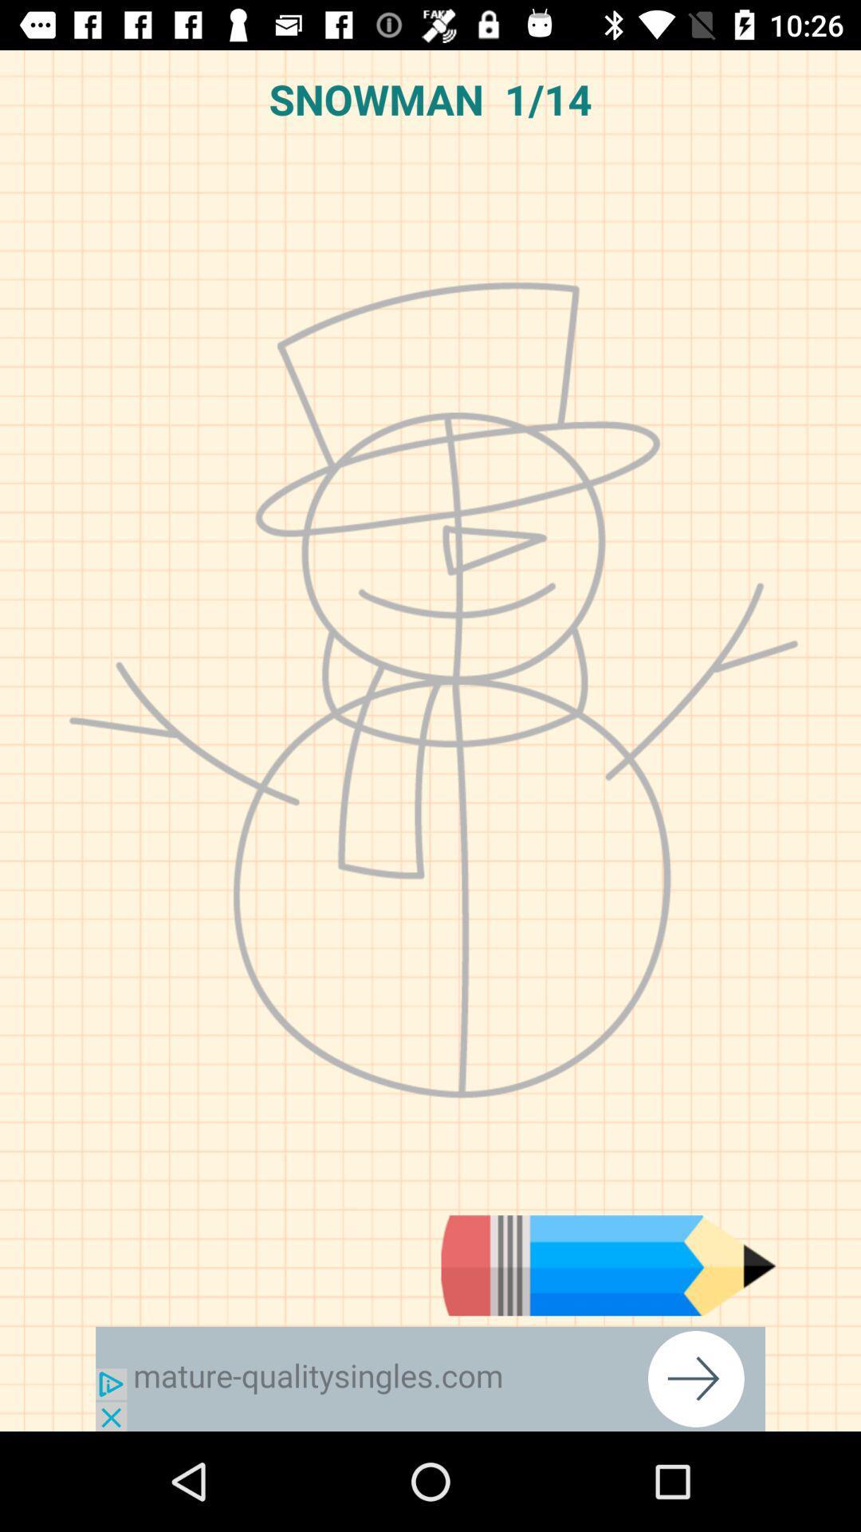  Describe the element at coordinates (608, 1265) in the screenshot. I see `draw with the pencil` at that location.